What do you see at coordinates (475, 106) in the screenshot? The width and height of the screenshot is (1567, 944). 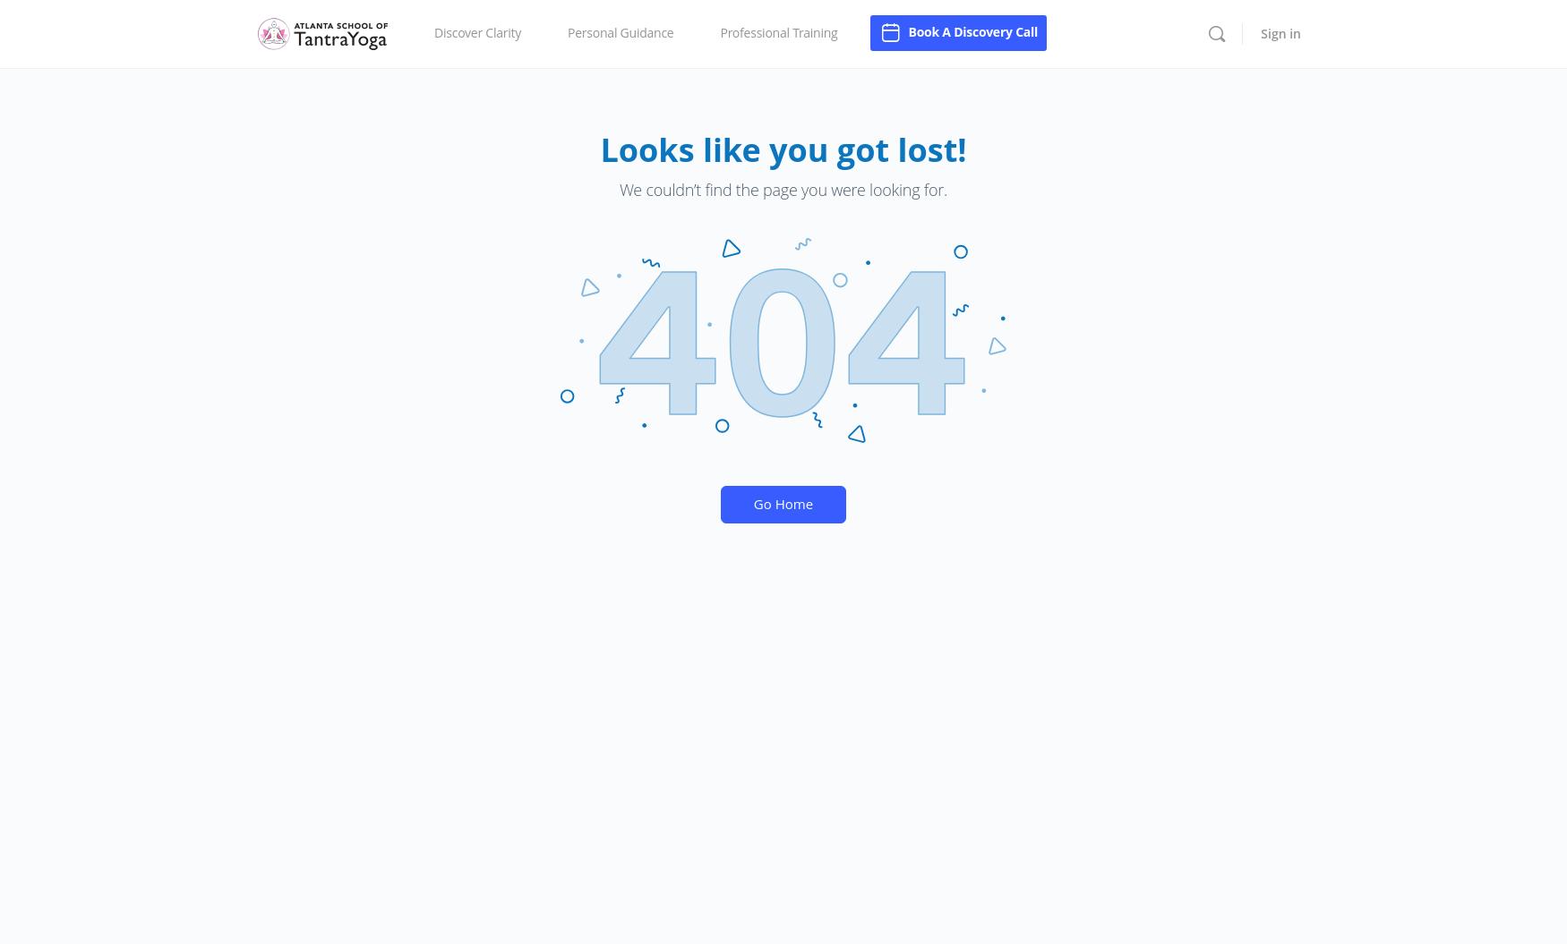 I see `'Take a Course'` at bounding box center [475, 106].